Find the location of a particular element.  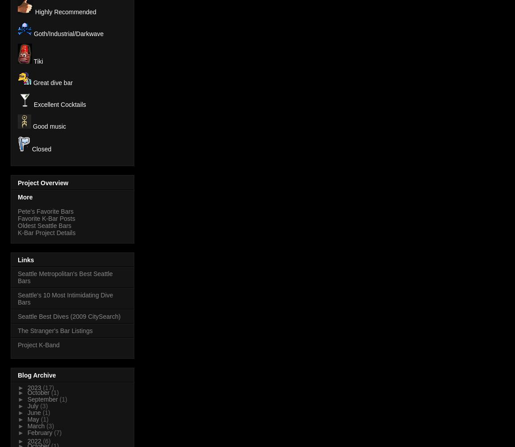

'K-Bar Project Details' is located at coordinates (46, 232).